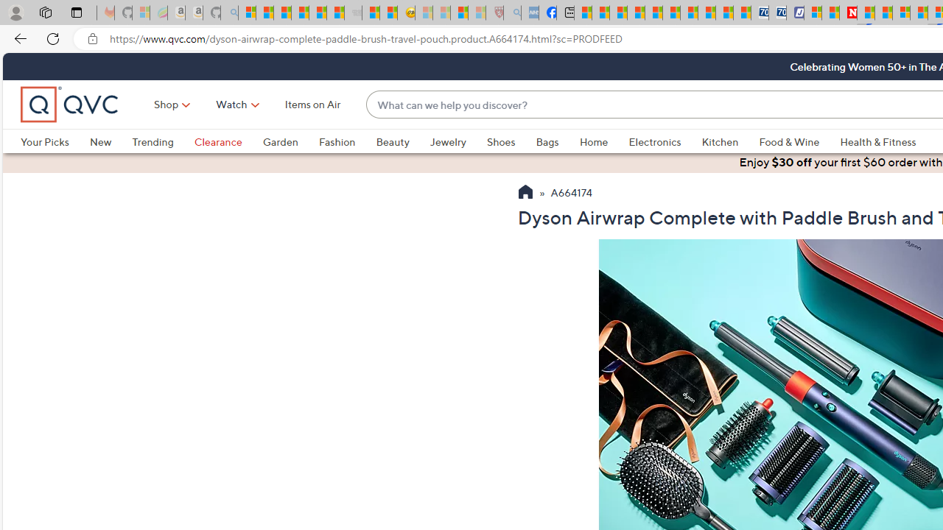 This screenshot has width=943, height=530. What do you see at coordinates (317, 13) in the screenshot?
I see `'New Report Confirms 2023 Was Record Hot | Watch'` at bounding box center [317, 13].